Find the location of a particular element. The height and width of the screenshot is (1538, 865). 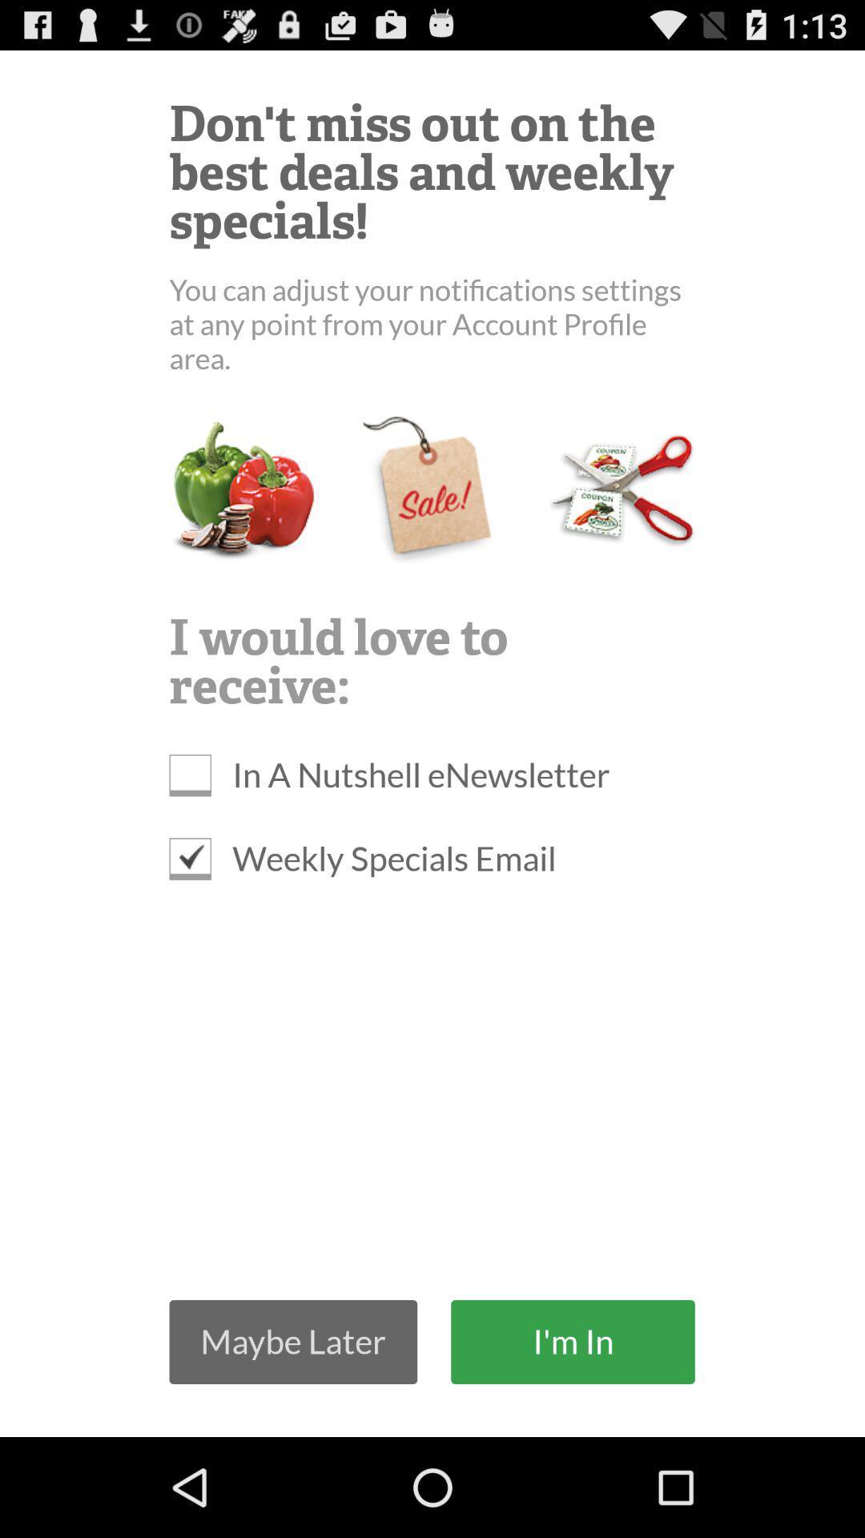

the maybe later item is located at coordinates (293, 1342).